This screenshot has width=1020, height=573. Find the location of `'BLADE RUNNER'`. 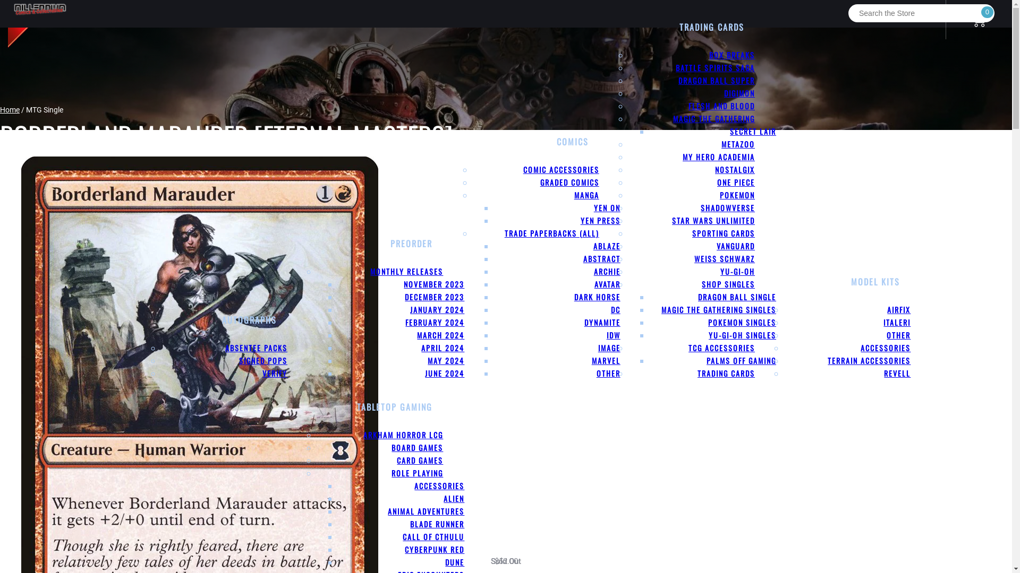

'BLADE RUNNER' is located at coordinates (437, 523).